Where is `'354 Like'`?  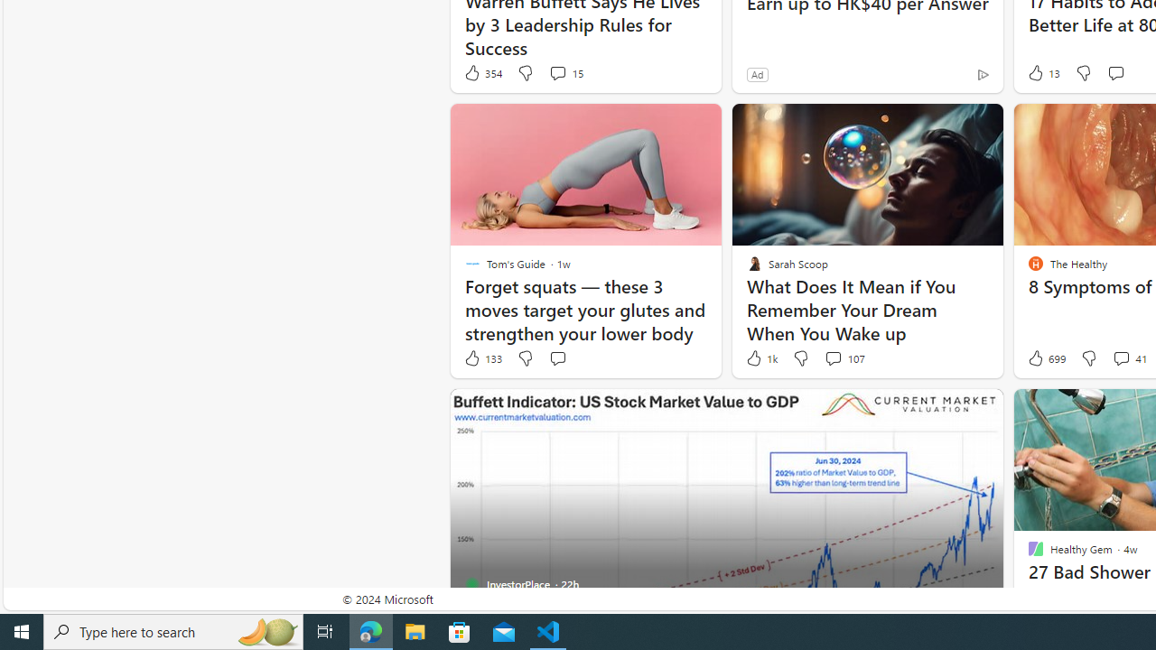 '354 Like' is located at coordinates (482, 72).